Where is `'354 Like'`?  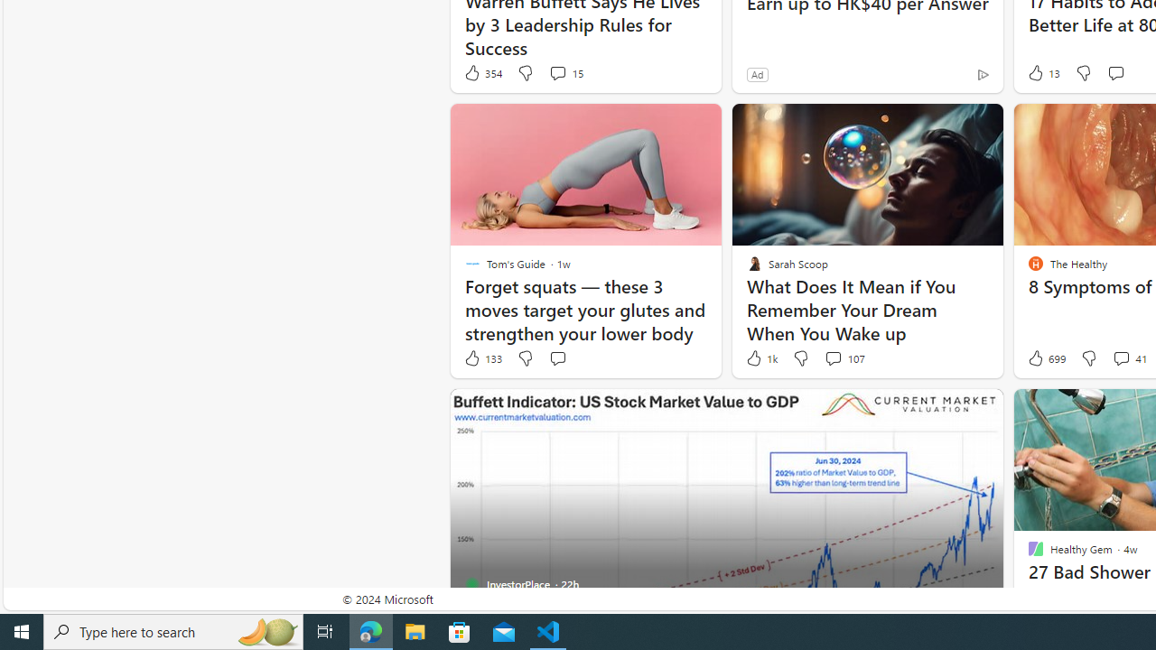 '354 Like' is located at coordinates (482, 72).